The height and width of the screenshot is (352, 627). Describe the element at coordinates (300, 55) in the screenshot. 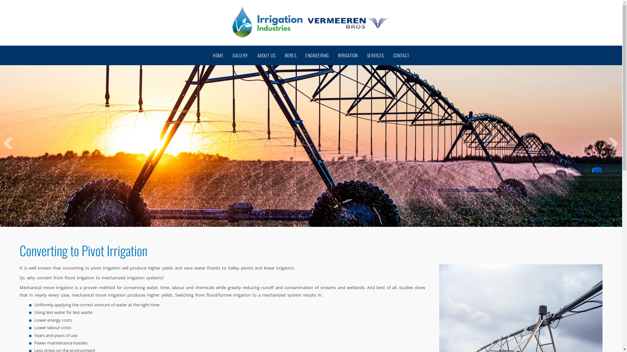

I see `'ENGINEERING'` at that location.